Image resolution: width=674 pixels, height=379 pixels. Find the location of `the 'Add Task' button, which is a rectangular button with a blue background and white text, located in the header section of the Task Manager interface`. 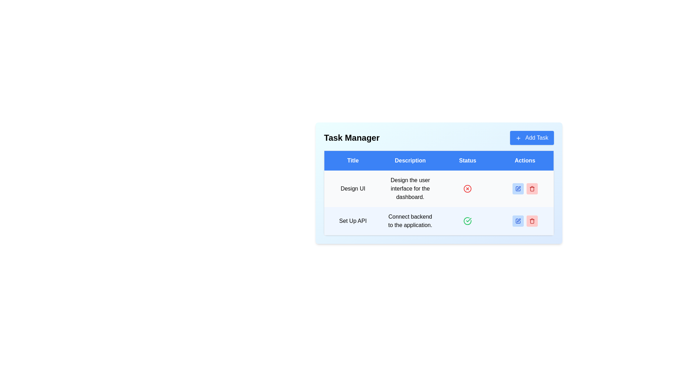

the 'Add Task' button, which is a rectangular button with a blue background and white text, located in the header section of the Task Manager interface is located at coordinates (532, 138).